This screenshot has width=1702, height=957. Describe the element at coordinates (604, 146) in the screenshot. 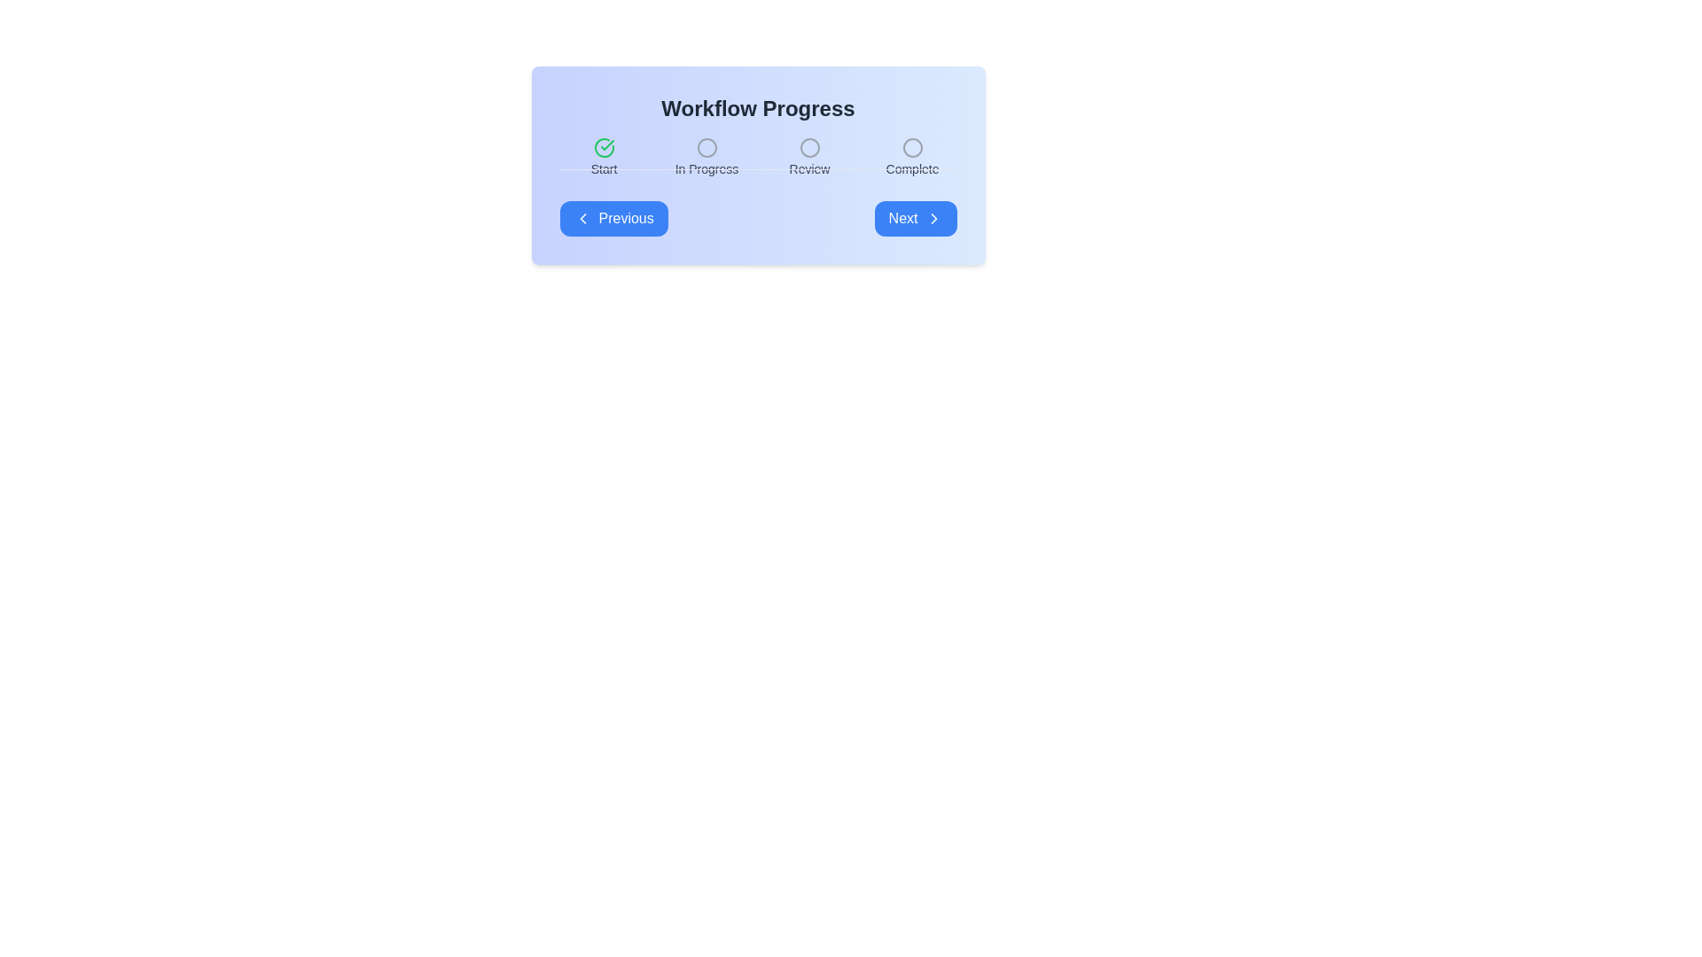

I see `the green 'Start' stage icon located at the leftmost position in the workflow progression area, which indicates that the stage is complete or active` at that location.